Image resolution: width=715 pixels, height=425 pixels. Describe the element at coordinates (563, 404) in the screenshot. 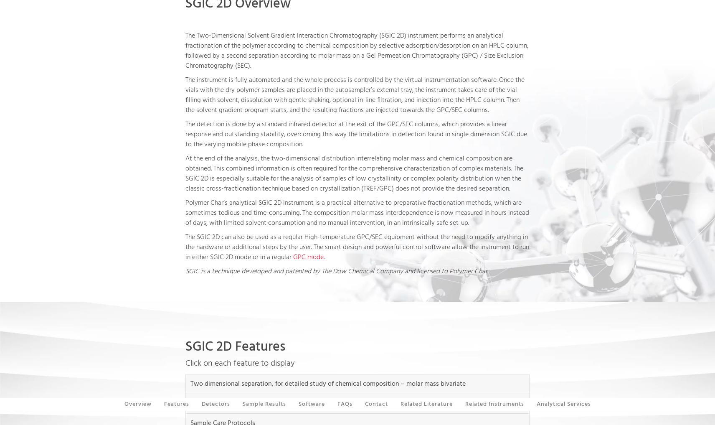

I see `'Analytical Services'` at that location.